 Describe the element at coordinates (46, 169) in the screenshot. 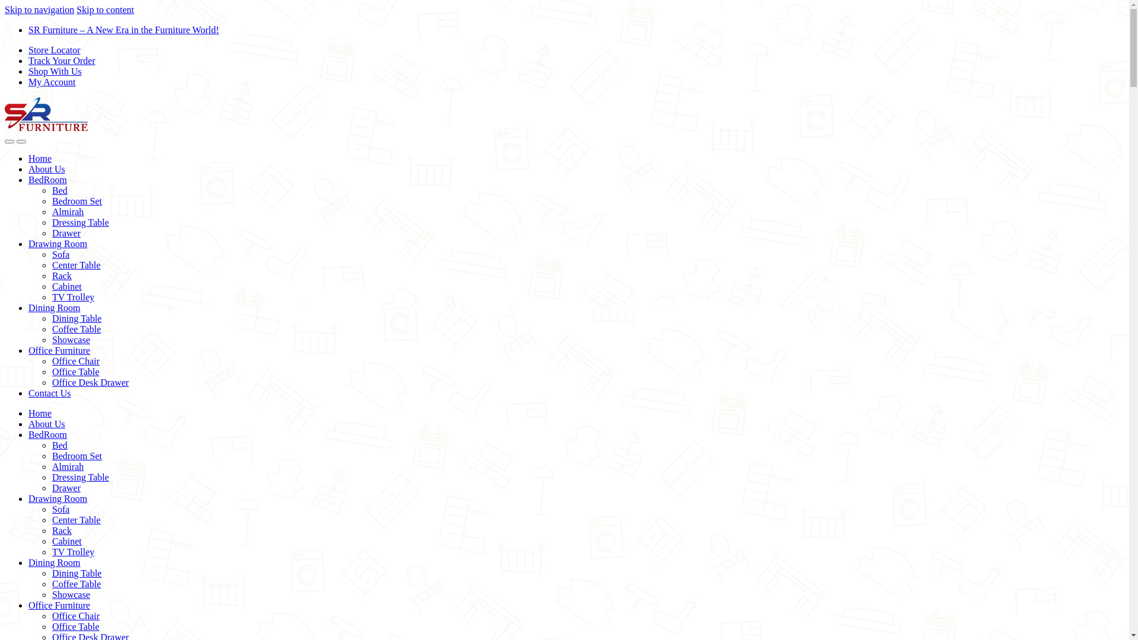

I see `'About Us'` at that location.